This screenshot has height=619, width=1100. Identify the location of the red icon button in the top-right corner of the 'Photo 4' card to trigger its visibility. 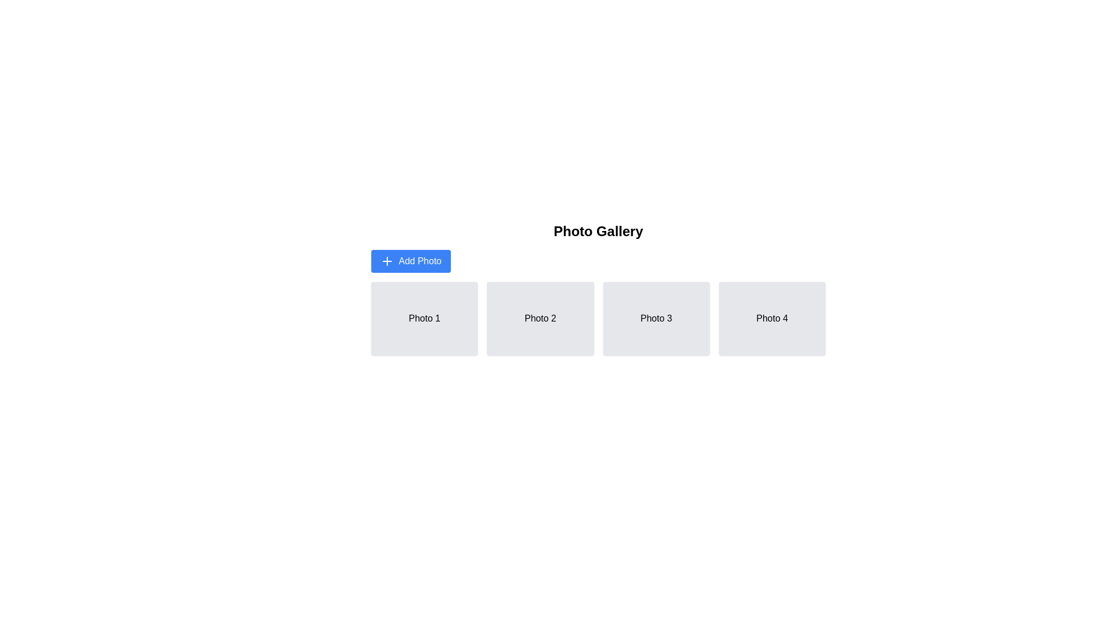
(816, 291).